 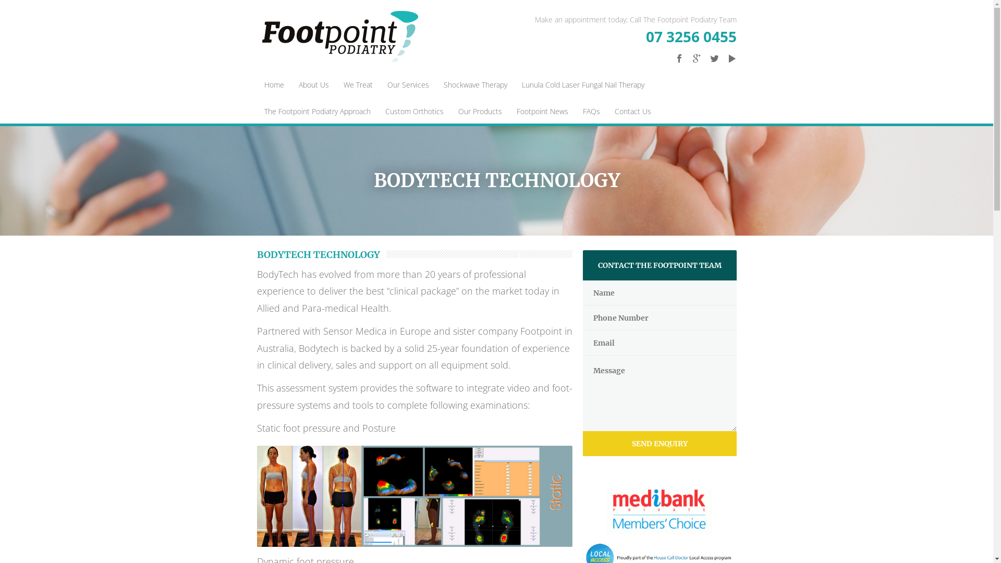 What do you see at coordinates (591, 113) in the screenshot?
I see `'FAQs'` at bounding box center [591, 113].